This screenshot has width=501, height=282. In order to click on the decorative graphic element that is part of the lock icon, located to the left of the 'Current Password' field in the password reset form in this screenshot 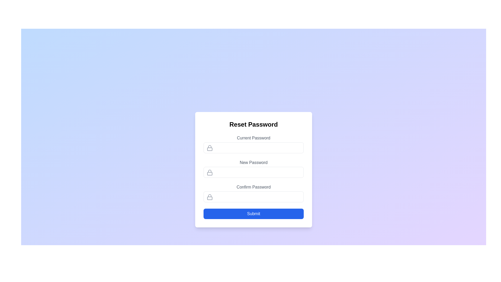, I will do `click(210, 149)`.